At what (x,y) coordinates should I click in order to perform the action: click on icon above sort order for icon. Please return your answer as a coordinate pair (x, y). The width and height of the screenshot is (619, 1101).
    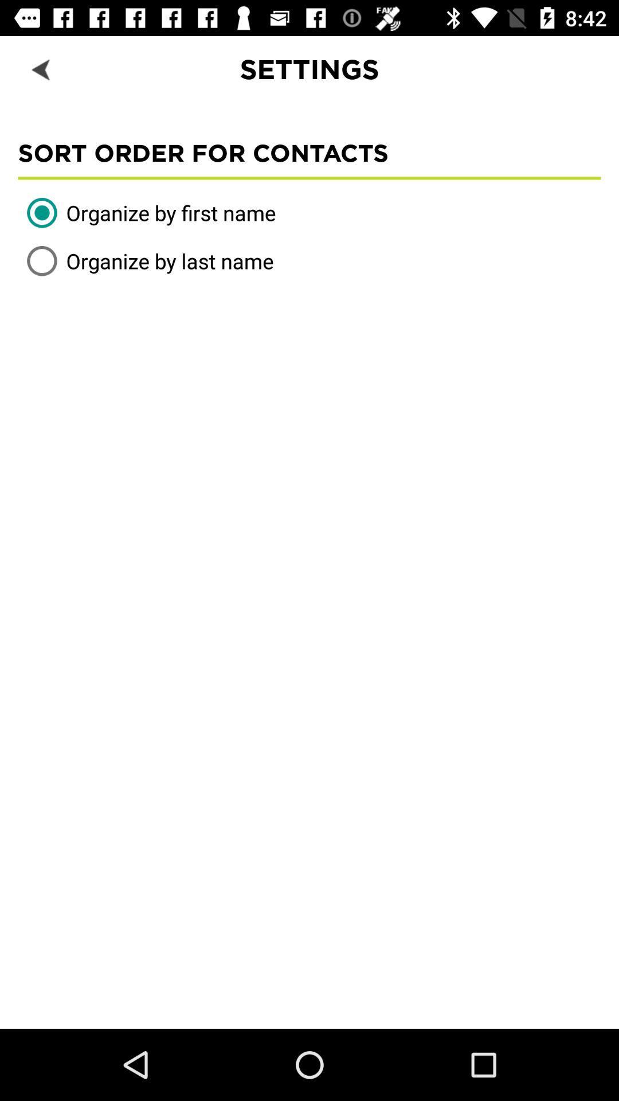
    Looking at the image, I should click on (41, 68).